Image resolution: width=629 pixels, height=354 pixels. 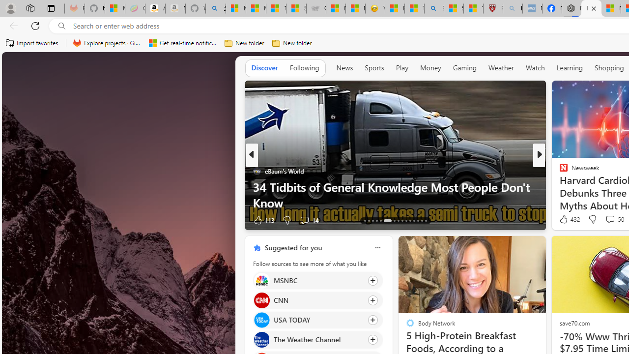 I want to click on 'Money', so click(x=430, y=67).